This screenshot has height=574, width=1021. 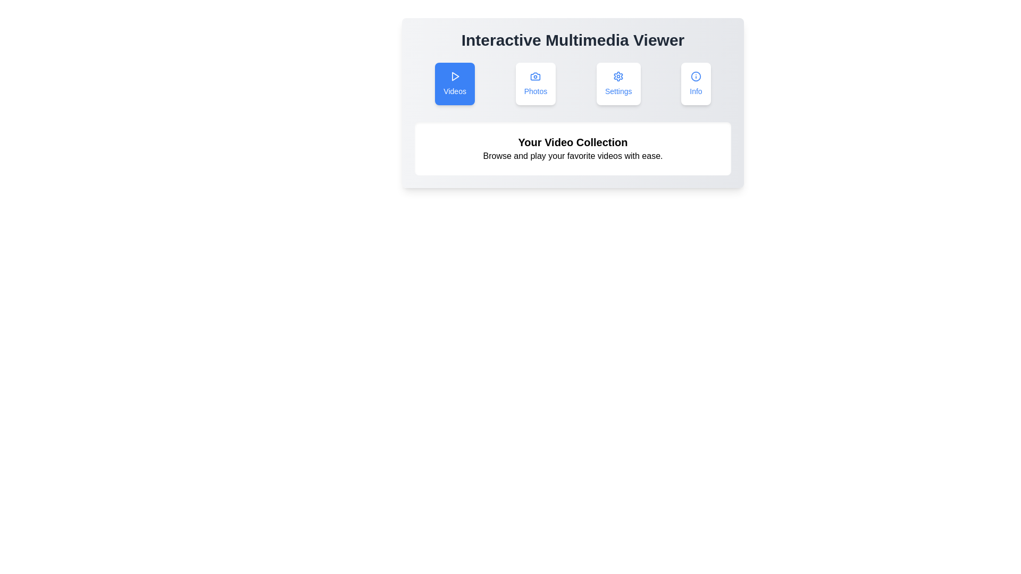 What do you see at coordinates (696, 75) in the screenshot?
I see `the SVG Circle representing the 'Info' button located in the upper-right section of the grouped toolbar` at bounding box center [696, 75].